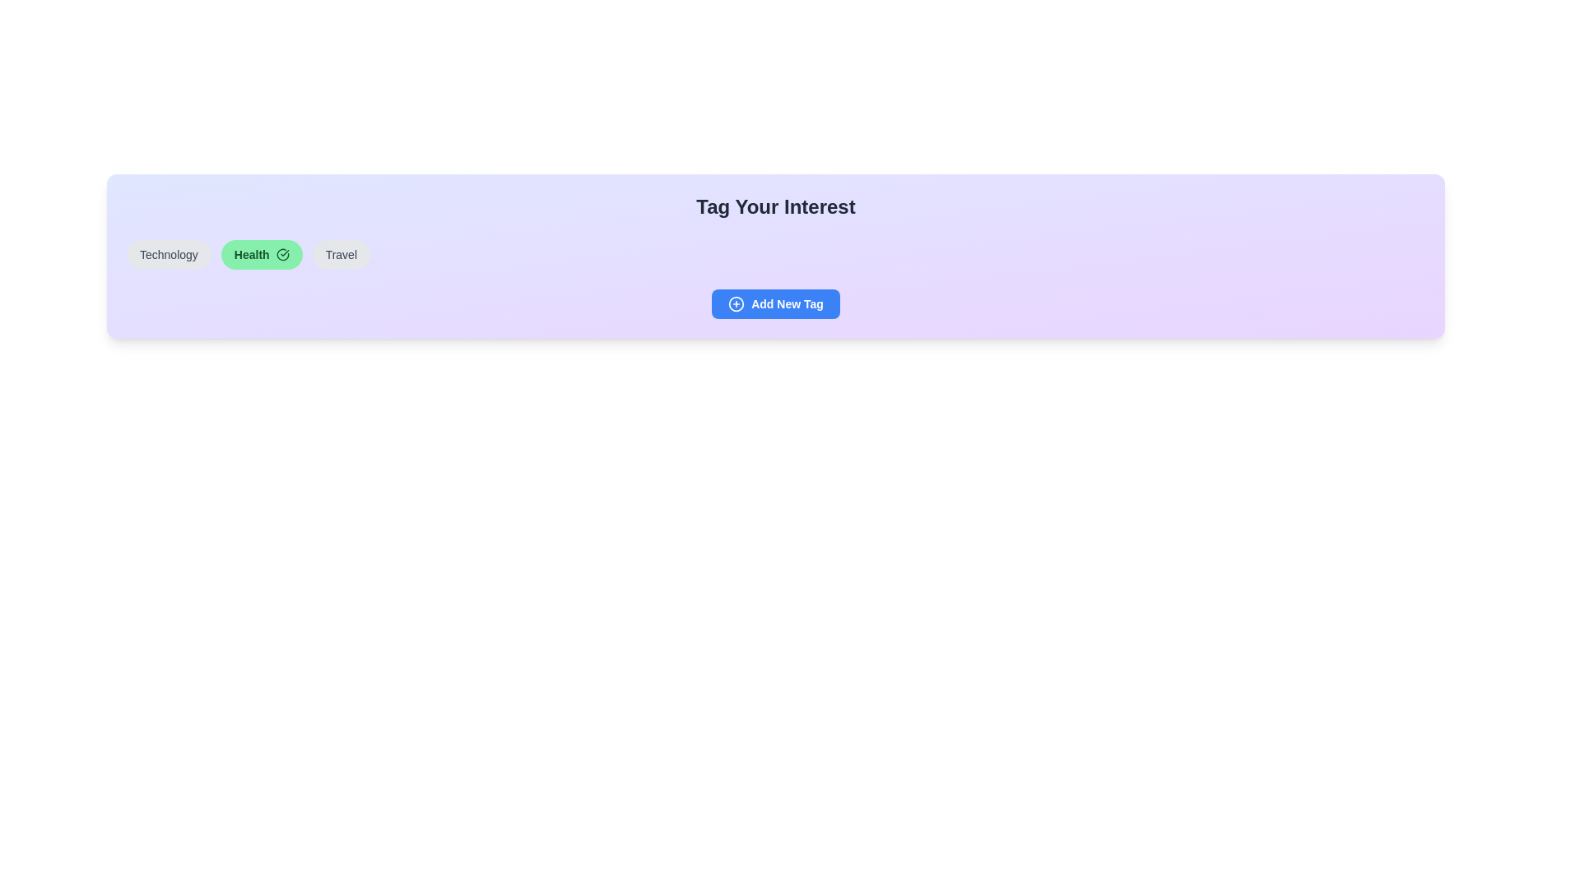 This screenshot has width=1580, height=888. Describe the element at coordinates (261, 254) in the screenshot. I see `the 'Health' button, which is a rounded rectangular button with a green background and the word 'Health' in bold, dark green text, located between the 'Technology' and 'Travel' buttons` at that location.